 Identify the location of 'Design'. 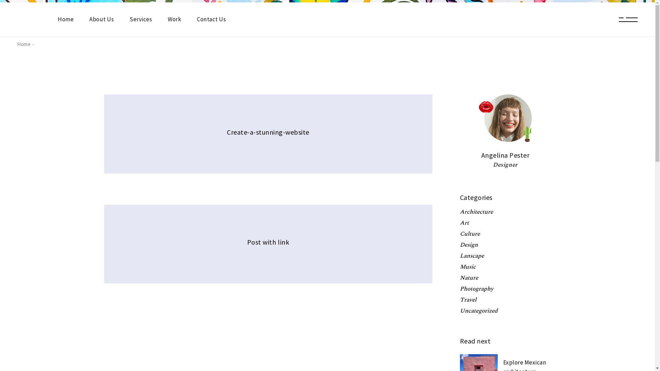
(468, 245).